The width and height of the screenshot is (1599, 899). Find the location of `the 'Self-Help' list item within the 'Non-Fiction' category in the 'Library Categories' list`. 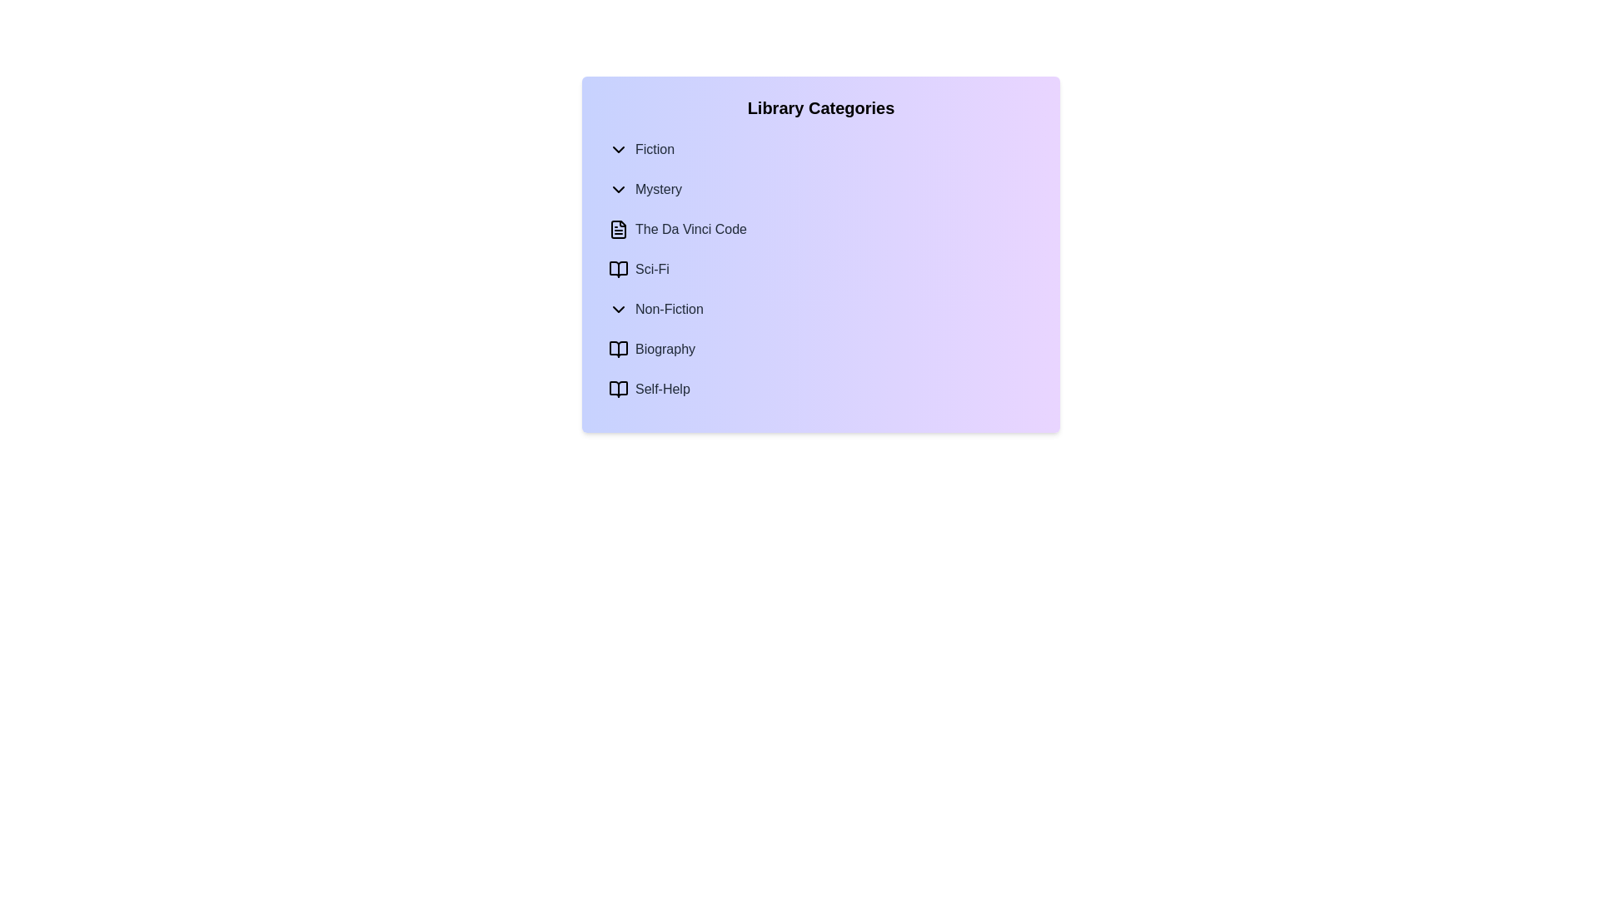

the 'Self-Help' list item within the 'Non-Fiction' category in the 'Library Categories' list is located at coordinates (820, 389).